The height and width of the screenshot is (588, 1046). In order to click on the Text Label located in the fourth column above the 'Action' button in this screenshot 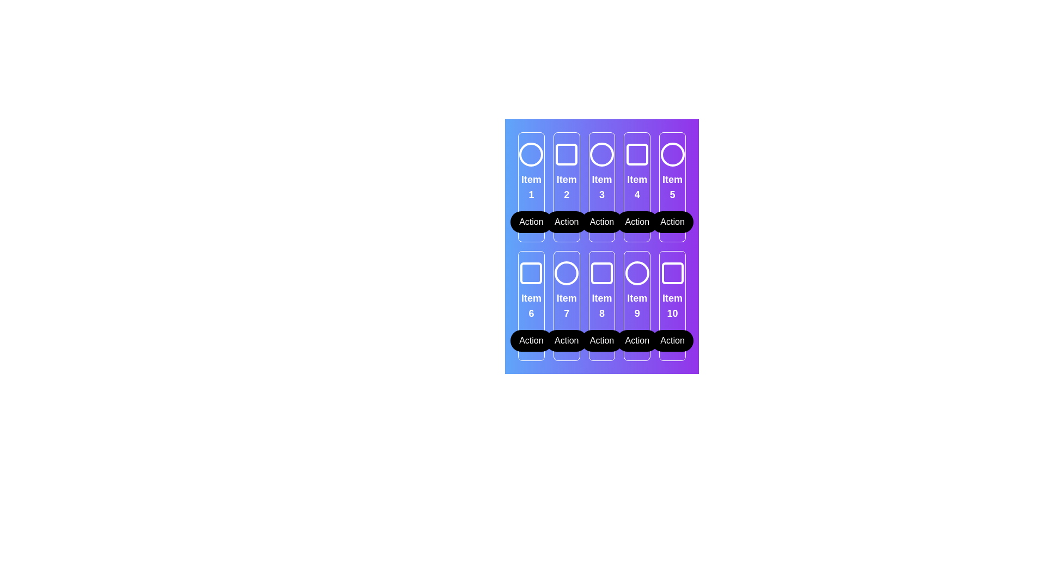, I will do `click(637, 186)`.